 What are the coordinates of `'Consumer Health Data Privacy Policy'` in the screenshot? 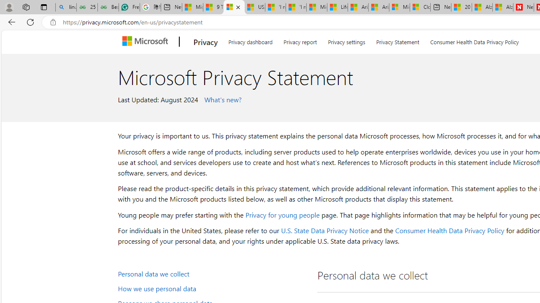 It's located at (449, 230).